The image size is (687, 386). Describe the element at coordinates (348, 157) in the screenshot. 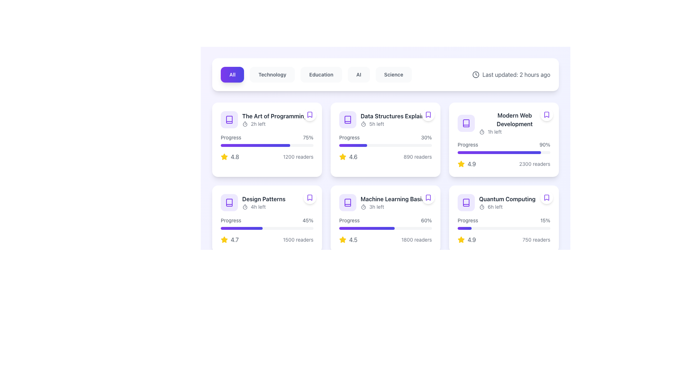

I see `the rating display for 'Data Structures Explained', which shows a rating of 4.6, located in the bottom-left corner of the card, to the left of '890 readers' and below the horizontal progress bar` at that location.